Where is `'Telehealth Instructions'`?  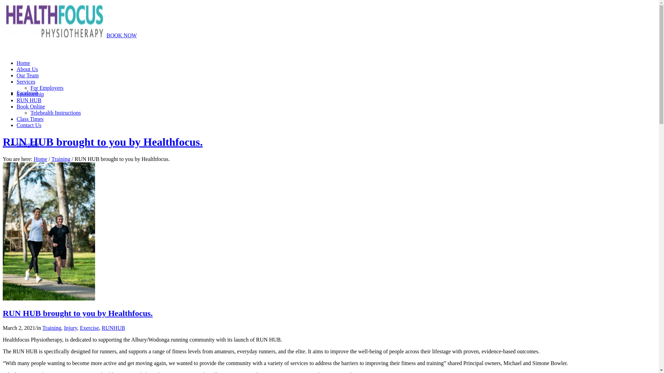 'Telehealth Instructions' is located at coordinates (30, 112).